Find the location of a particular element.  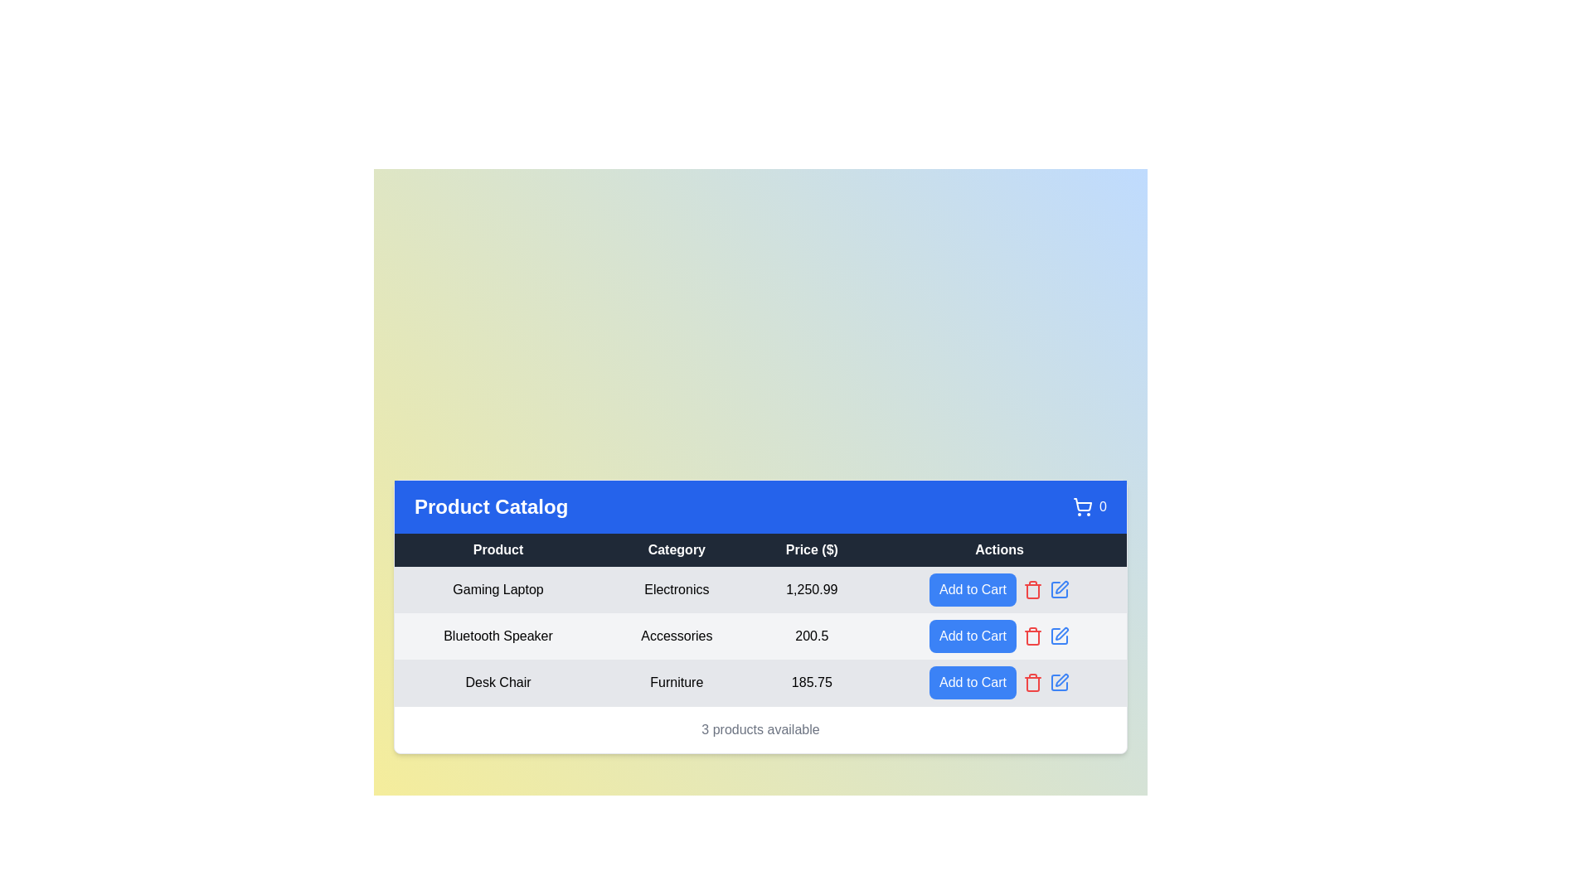

the 'Add to Cart' button, which is the first button in the 'Actions' column of the second row for the 'Bluetooth Speaker' product is located at coordinates (973, 635).